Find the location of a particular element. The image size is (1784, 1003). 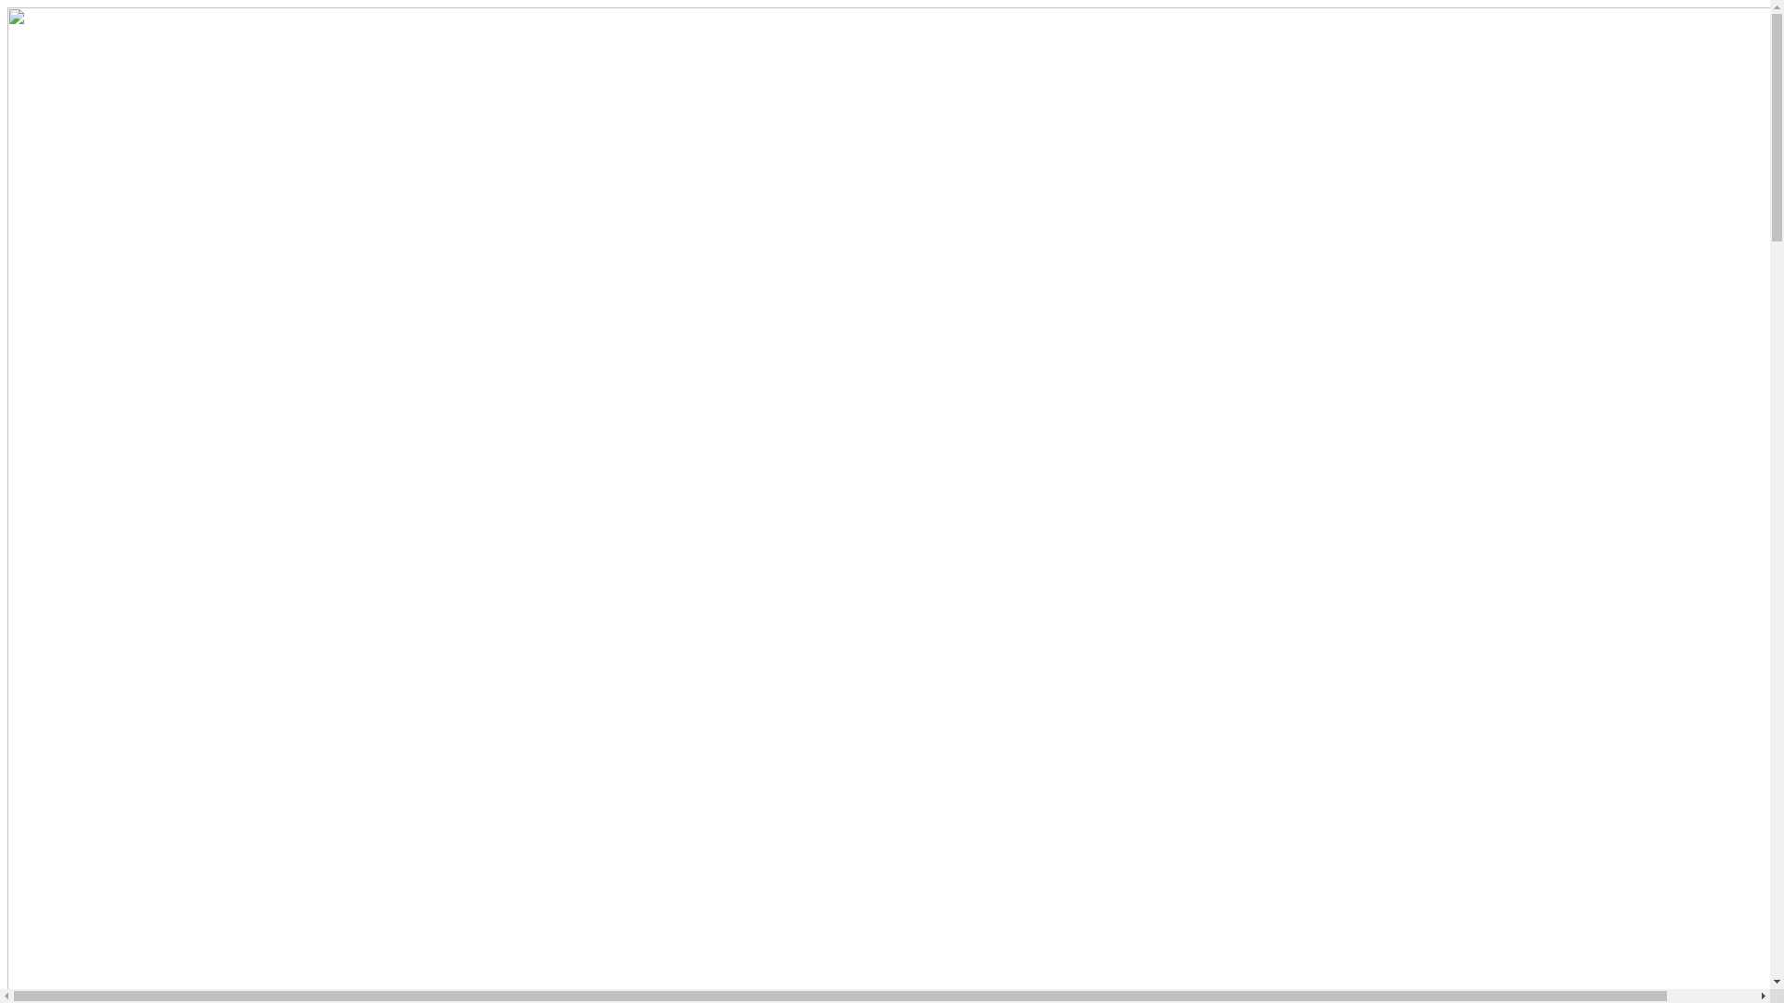

'Skip to content' is located at coordinates (7, 7).